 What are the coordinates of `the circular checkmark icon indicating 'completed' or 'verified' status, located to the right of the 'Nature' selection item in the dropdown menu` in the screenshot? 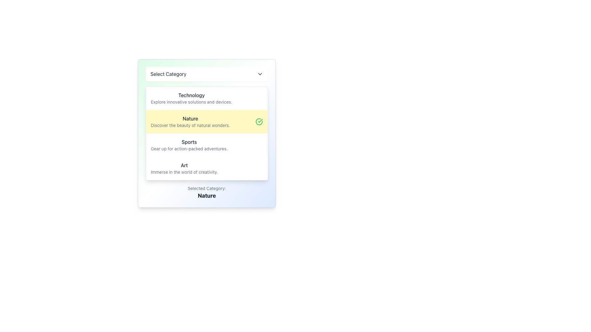 It's located at (259, 122).